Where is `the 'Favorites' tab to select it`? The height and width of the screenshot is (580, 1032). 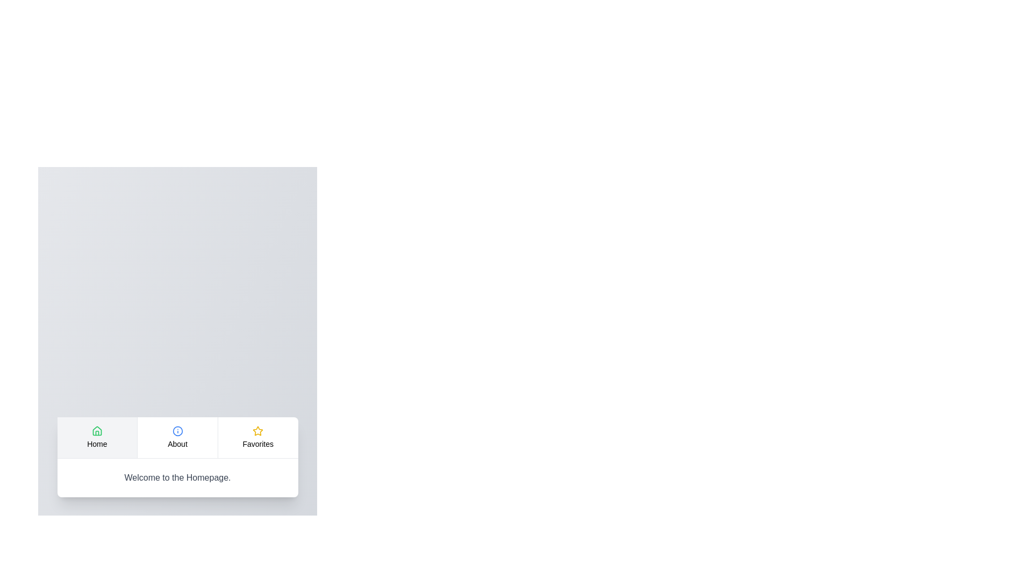
the 'Favorites' tab to select it is located at coordinates (257, 437).